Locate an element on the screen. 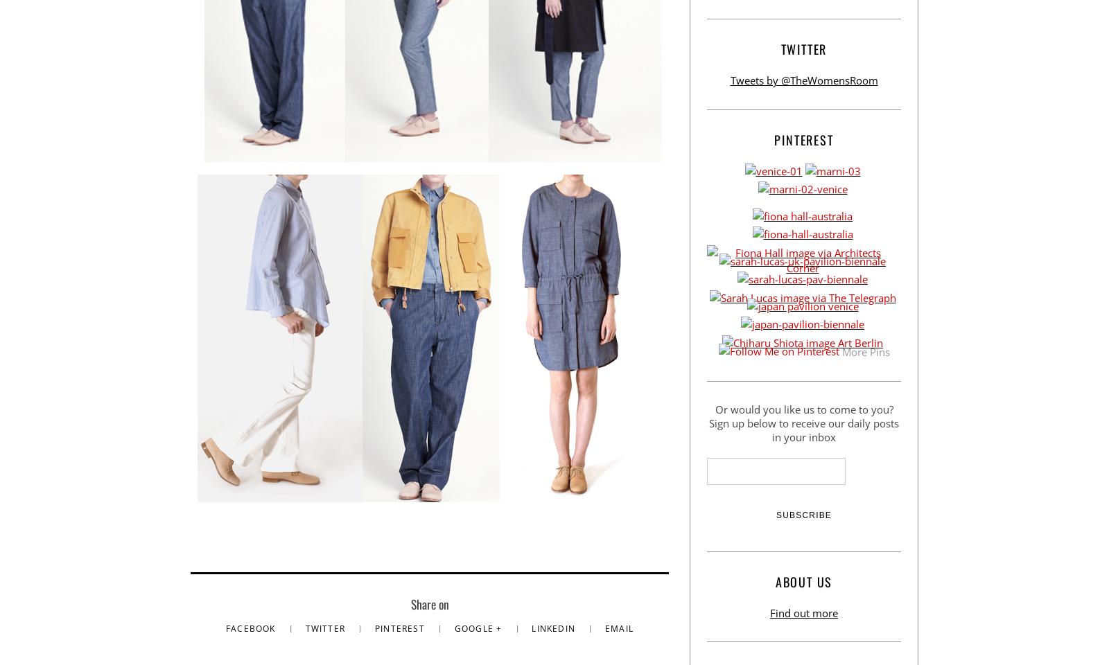  'Email' is located at coordinates (618, 628).